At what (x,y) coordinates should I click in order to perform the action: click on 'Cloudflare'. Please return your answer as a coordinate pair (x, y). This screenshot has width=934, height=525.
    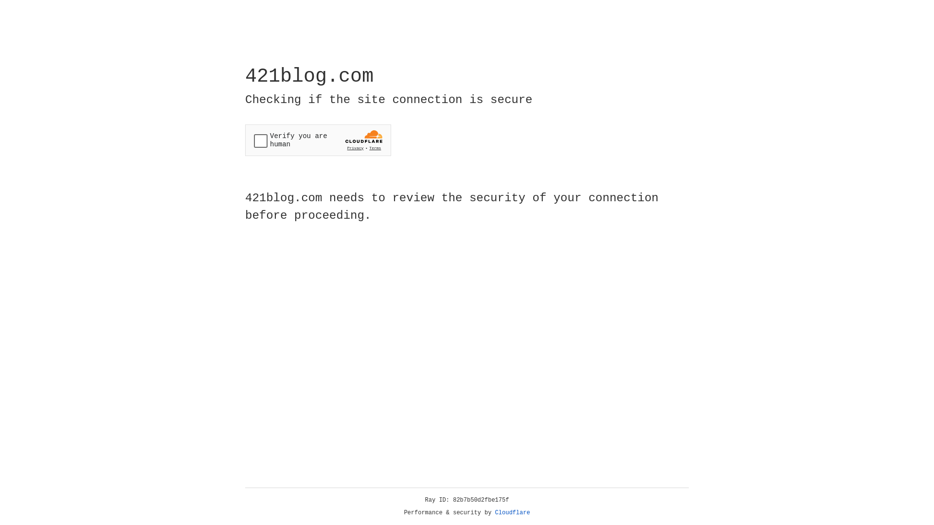
    Looking at the image, I should click on (512, 512).